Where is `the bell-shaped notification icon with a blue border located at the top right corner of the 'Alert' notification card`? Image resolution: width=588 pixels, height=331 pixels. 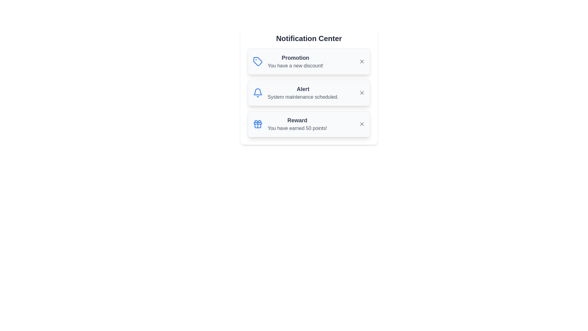 the bell-shaped notification icon with a blue border located at the top right corner of the 'Alert' notification card is located at coordinates (258, 92).